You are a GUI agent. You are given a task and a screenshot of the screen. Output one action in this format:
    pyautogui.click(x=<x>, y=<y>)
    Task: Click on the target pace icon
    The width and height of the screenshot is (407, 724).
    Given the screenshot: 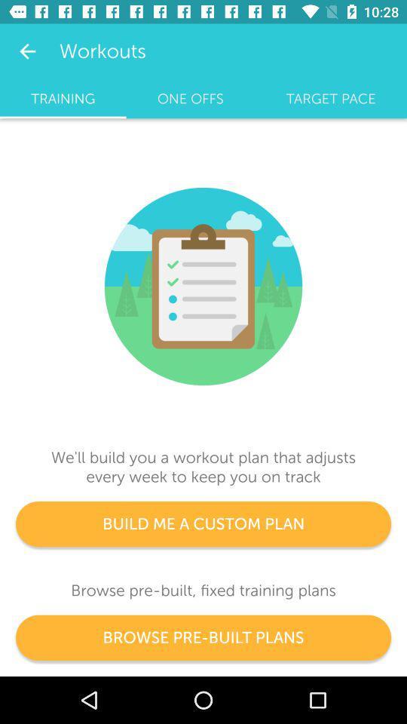 What is the action you would take?
    pyautogui.click(x=330, y=98)
    